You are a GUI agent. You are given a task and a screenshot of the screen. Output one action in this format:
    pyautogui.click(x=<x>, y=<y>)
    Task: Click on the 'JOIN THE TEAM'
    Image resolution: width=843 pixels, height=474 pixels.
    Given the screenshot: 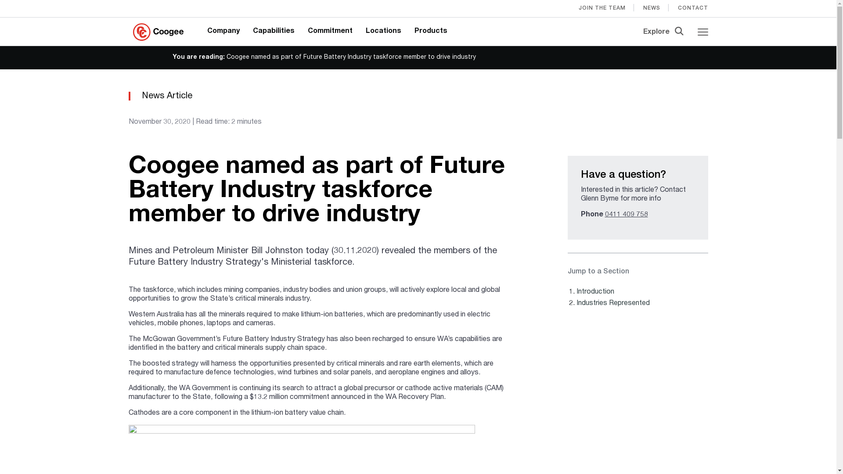 What is the action you would take?
    pyautogui.click(x=579, y=8)
    